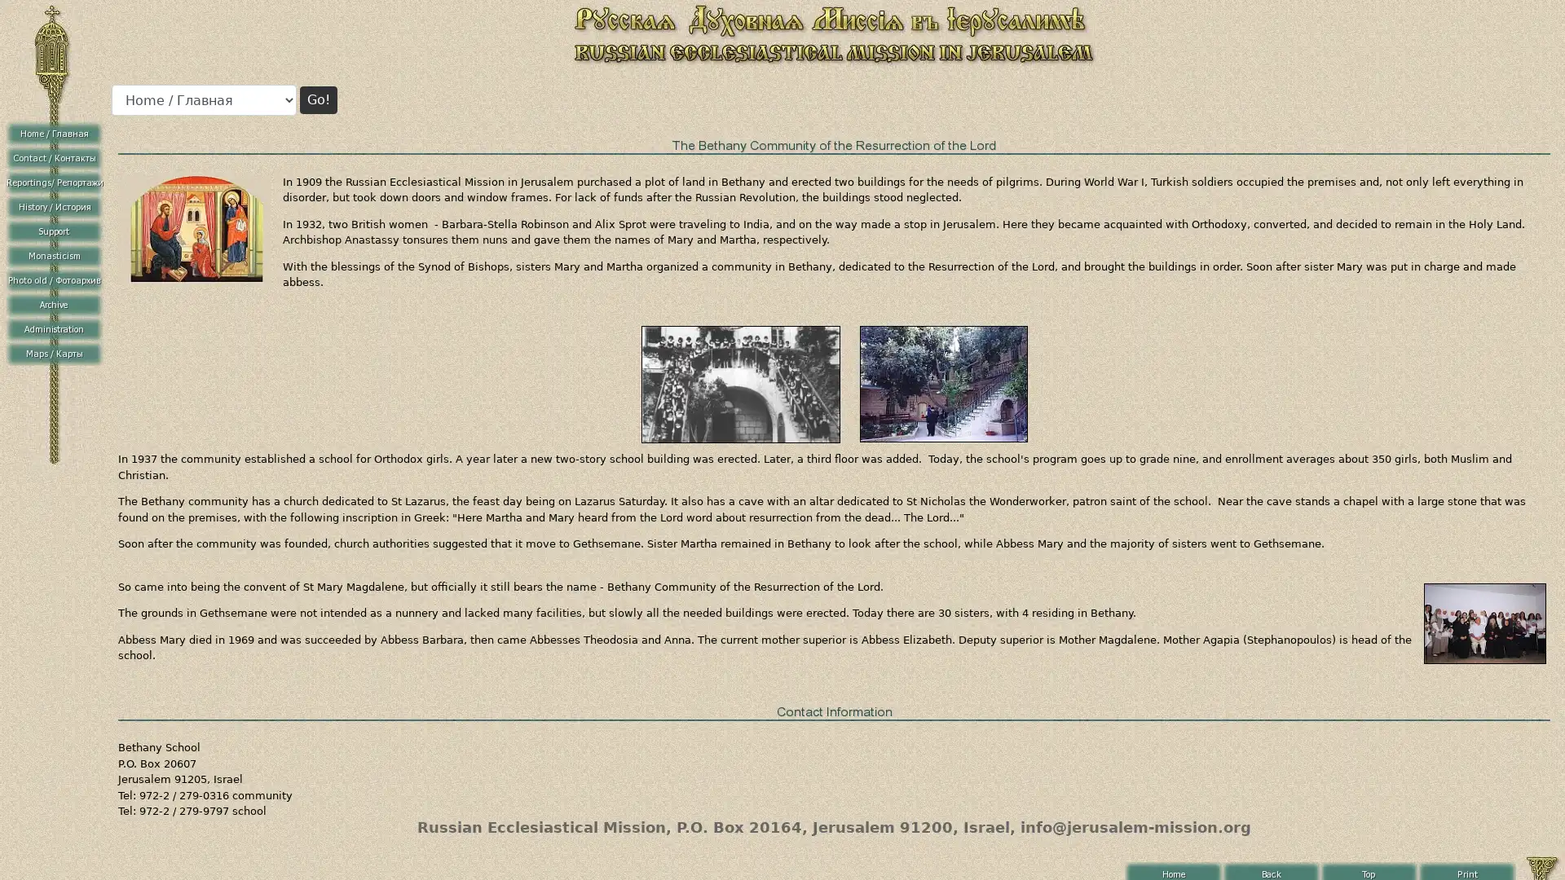  What do you see at coordinates (318, 100) in the screenshot?
I see `Go!` at bounding box center [318, 100].